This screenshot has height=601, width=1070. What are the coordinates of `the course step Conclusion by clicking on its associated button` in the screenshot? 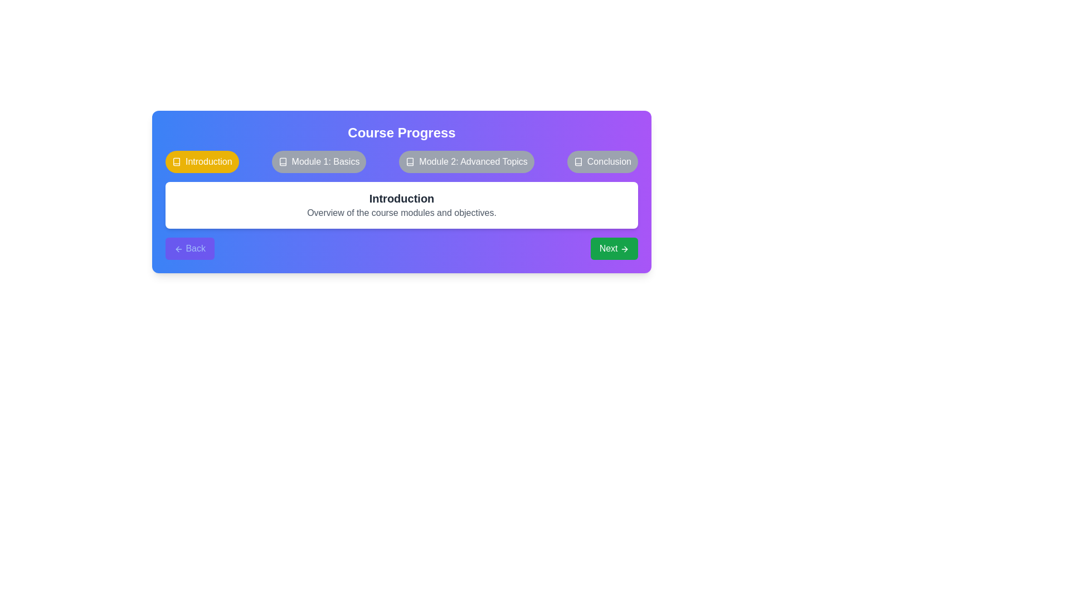 It's located at (602, 161).